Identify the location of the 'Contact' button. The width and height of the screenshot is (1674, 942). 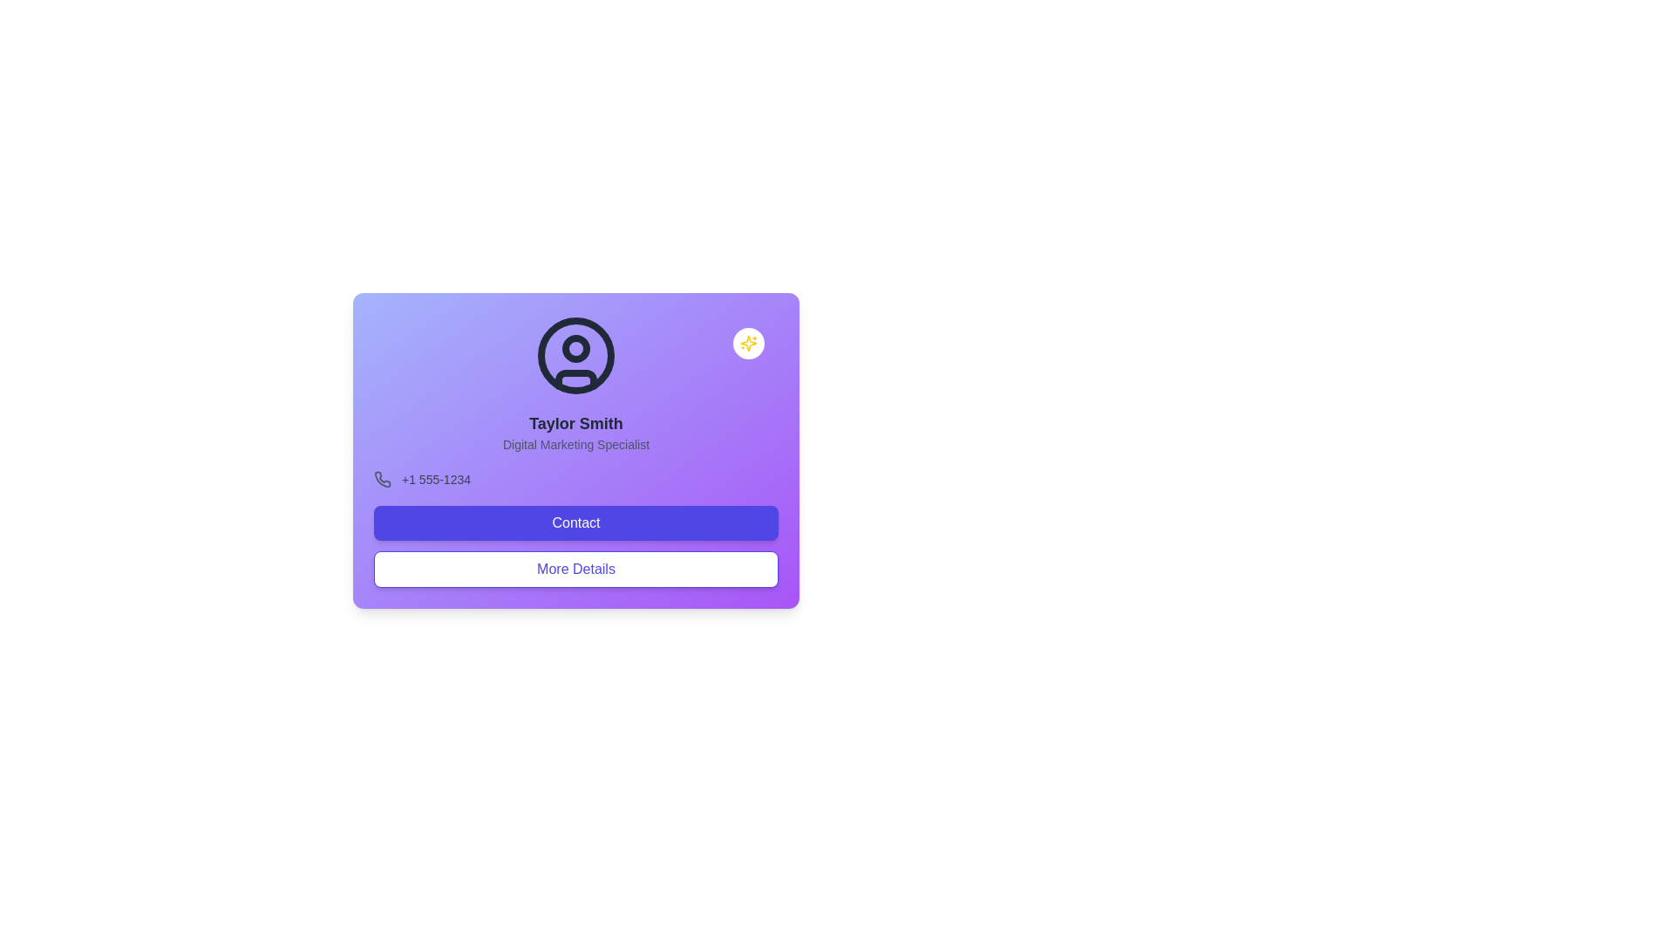
(576, 522).